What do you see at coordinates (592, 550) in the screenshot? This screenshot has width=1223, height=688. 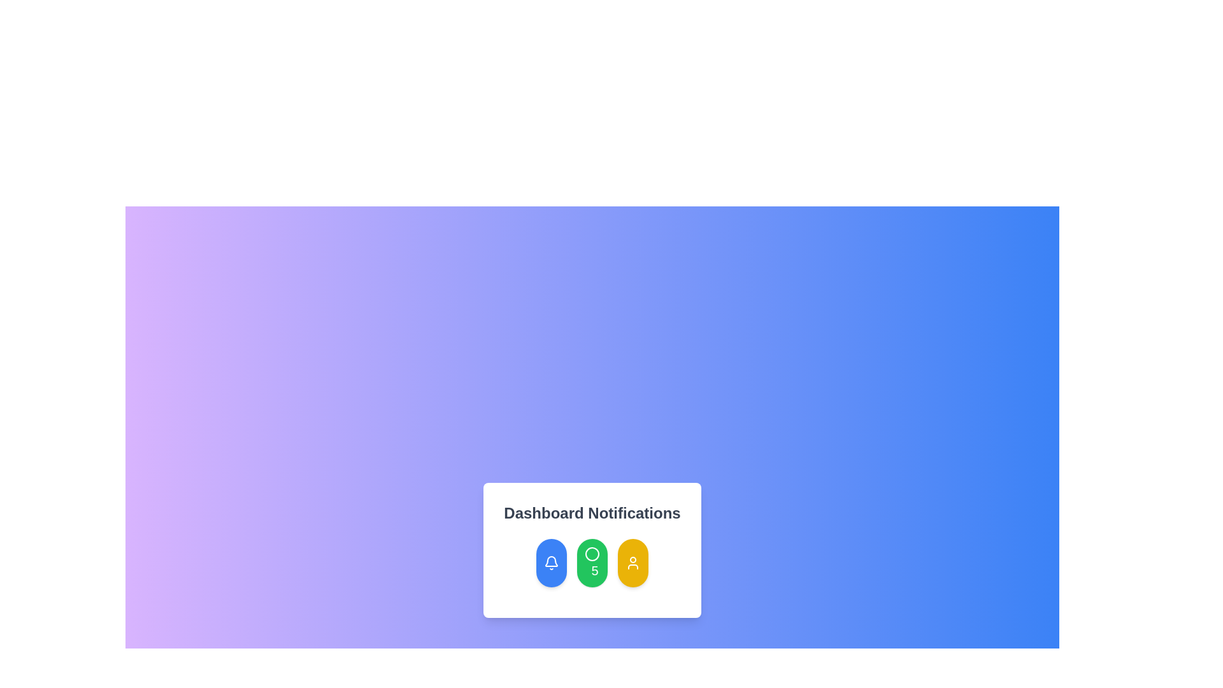 I see `the middle circular green button labeled with the number '5' and a clock icon, located below the 'Dashboard Notifications' heading` at bounding box center [592, 550].